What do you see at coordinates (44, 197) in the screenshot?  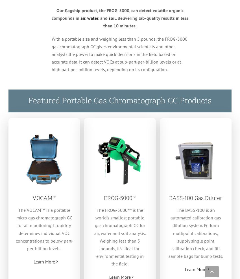 I see `'VOCAM™'` at bounding box center [44, 197].